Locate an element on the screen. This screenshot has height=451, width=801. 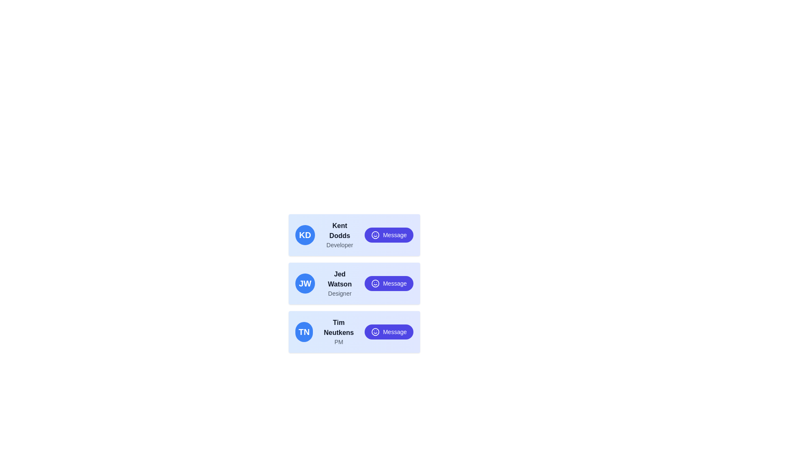
the second profile row in the scrollable card that displays user information and includes an action button for sending a message is located at coordinates (354, 278).